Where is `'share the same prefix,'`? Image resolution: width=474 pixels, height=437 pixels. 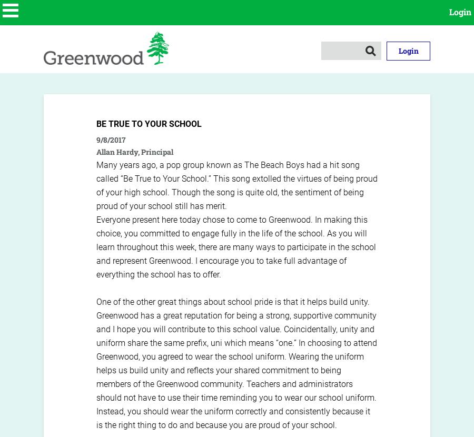 'share the same prefix,' is located at coordinates (169, 342).